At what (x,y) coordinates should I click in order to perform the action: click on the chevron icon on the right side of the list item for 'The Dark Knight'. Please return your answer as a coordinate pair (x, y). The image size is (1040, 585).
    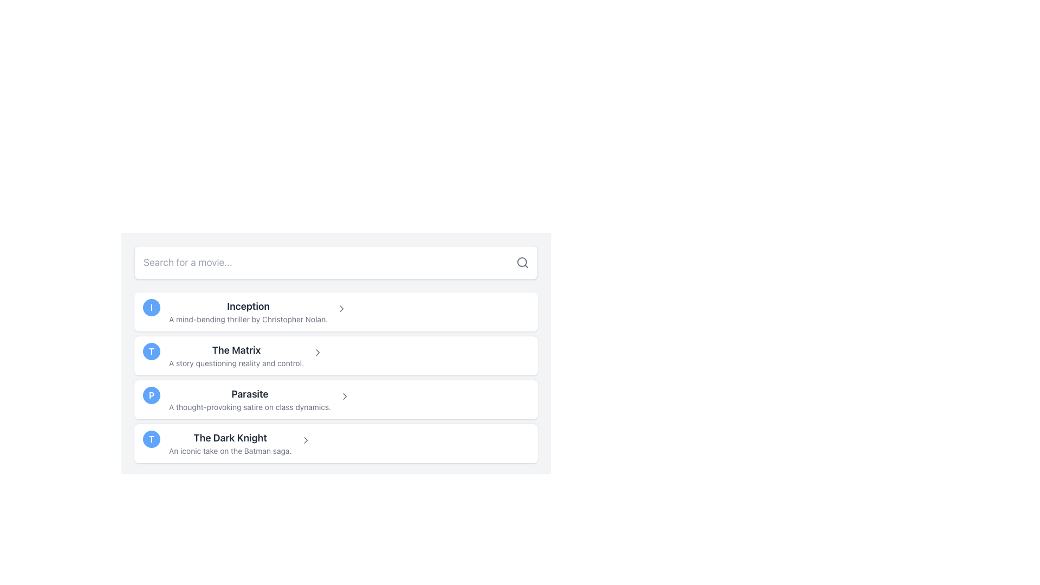
    Looking at the image, I should click on (305, 440).